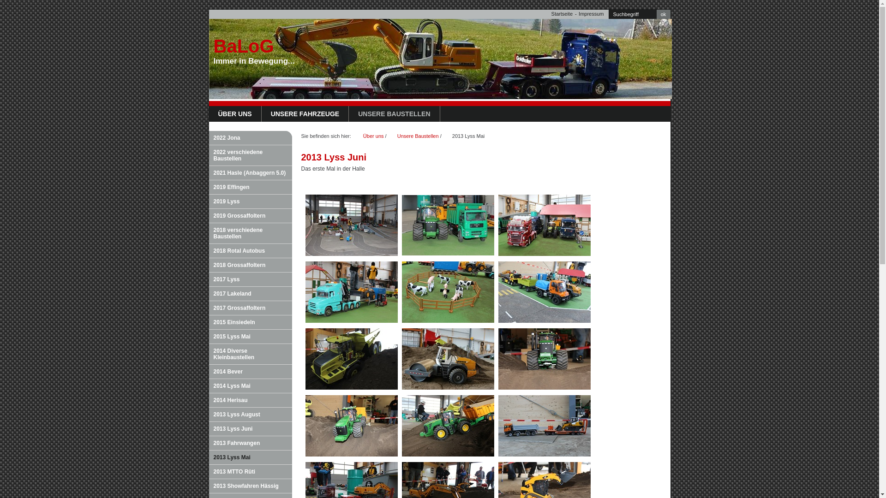 This screenshot has height=498, width=886. What do you see at coordinates (591, 14) in the screenshot?
I see `'Impressum'` at bounding box center [591, 14].